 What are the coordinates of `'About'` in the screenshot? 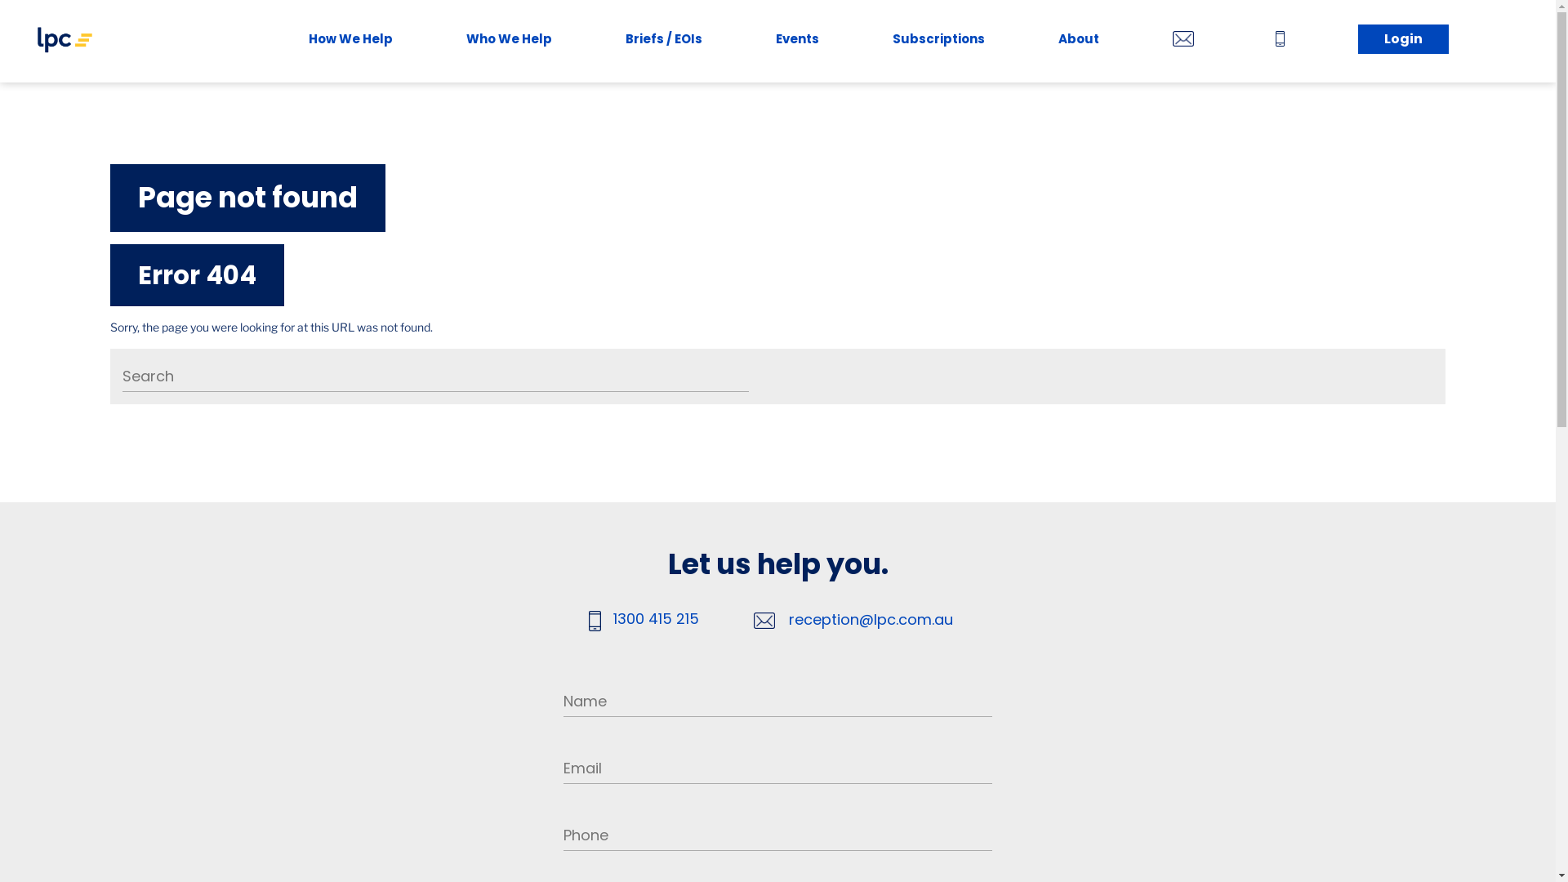 It's located at (1078, 40).